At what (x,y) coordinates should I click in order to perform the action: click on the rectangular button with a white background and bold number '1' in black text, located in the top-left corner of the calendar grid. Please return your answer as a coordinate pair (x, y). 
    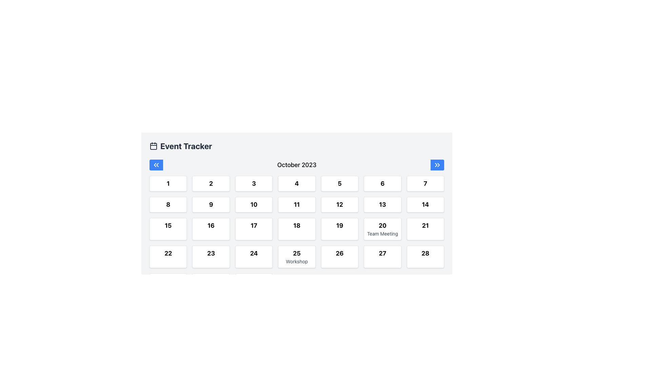
    Looking at the image, I should click on (168, 184).